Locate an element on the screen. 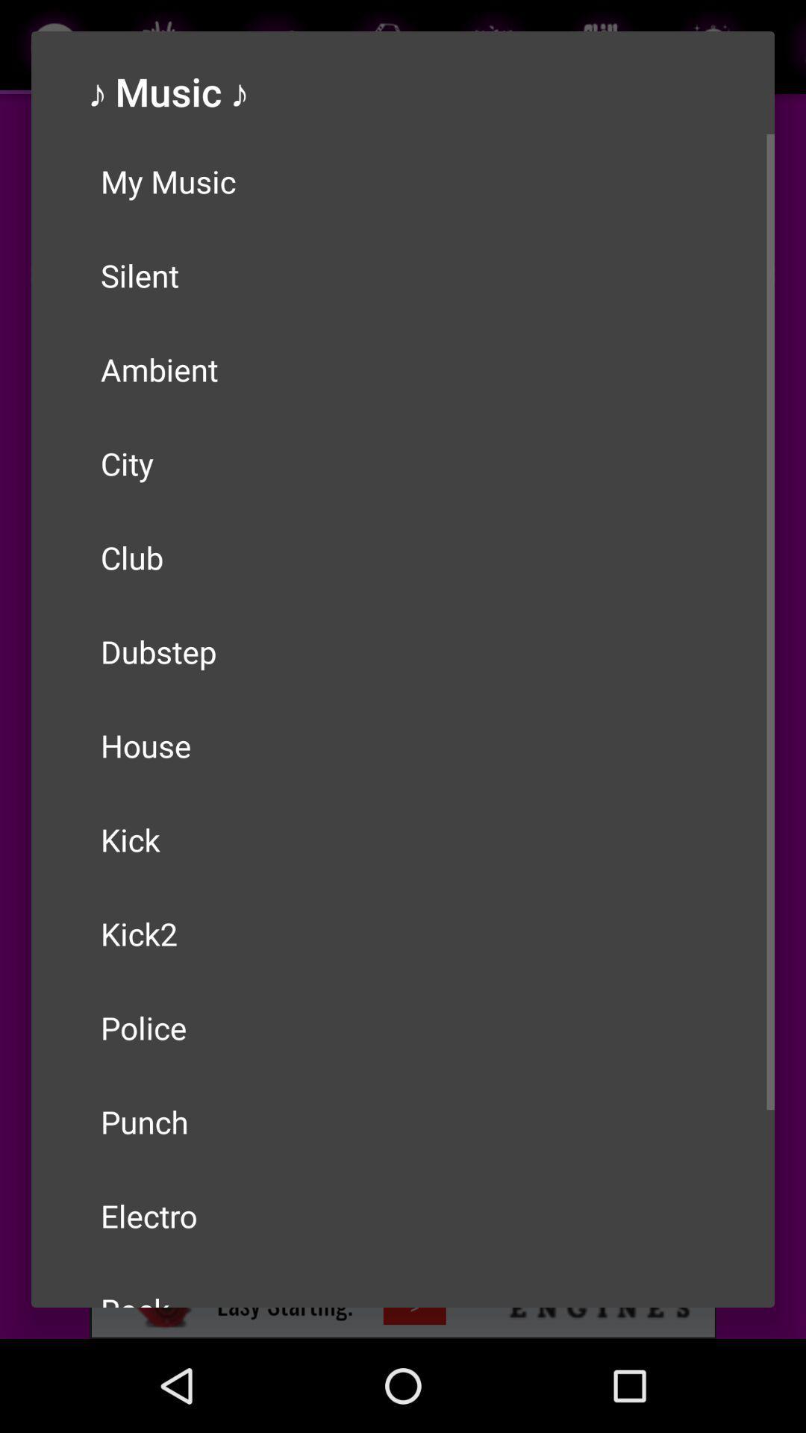 Image resolution: width=806 pixels, height=1433 pixels. house is located at coordinates (403, 745).